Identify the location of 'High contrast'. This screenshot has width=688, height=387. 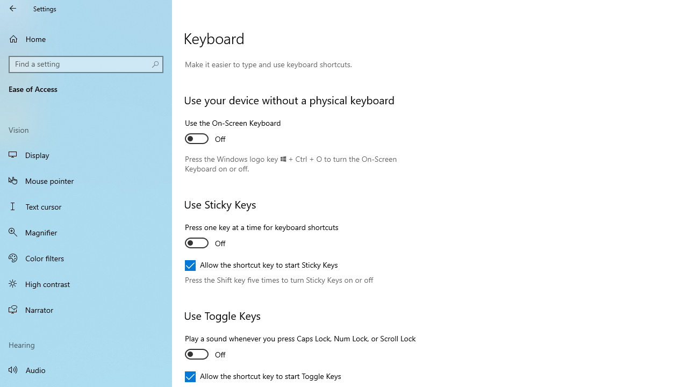
(86, 283).